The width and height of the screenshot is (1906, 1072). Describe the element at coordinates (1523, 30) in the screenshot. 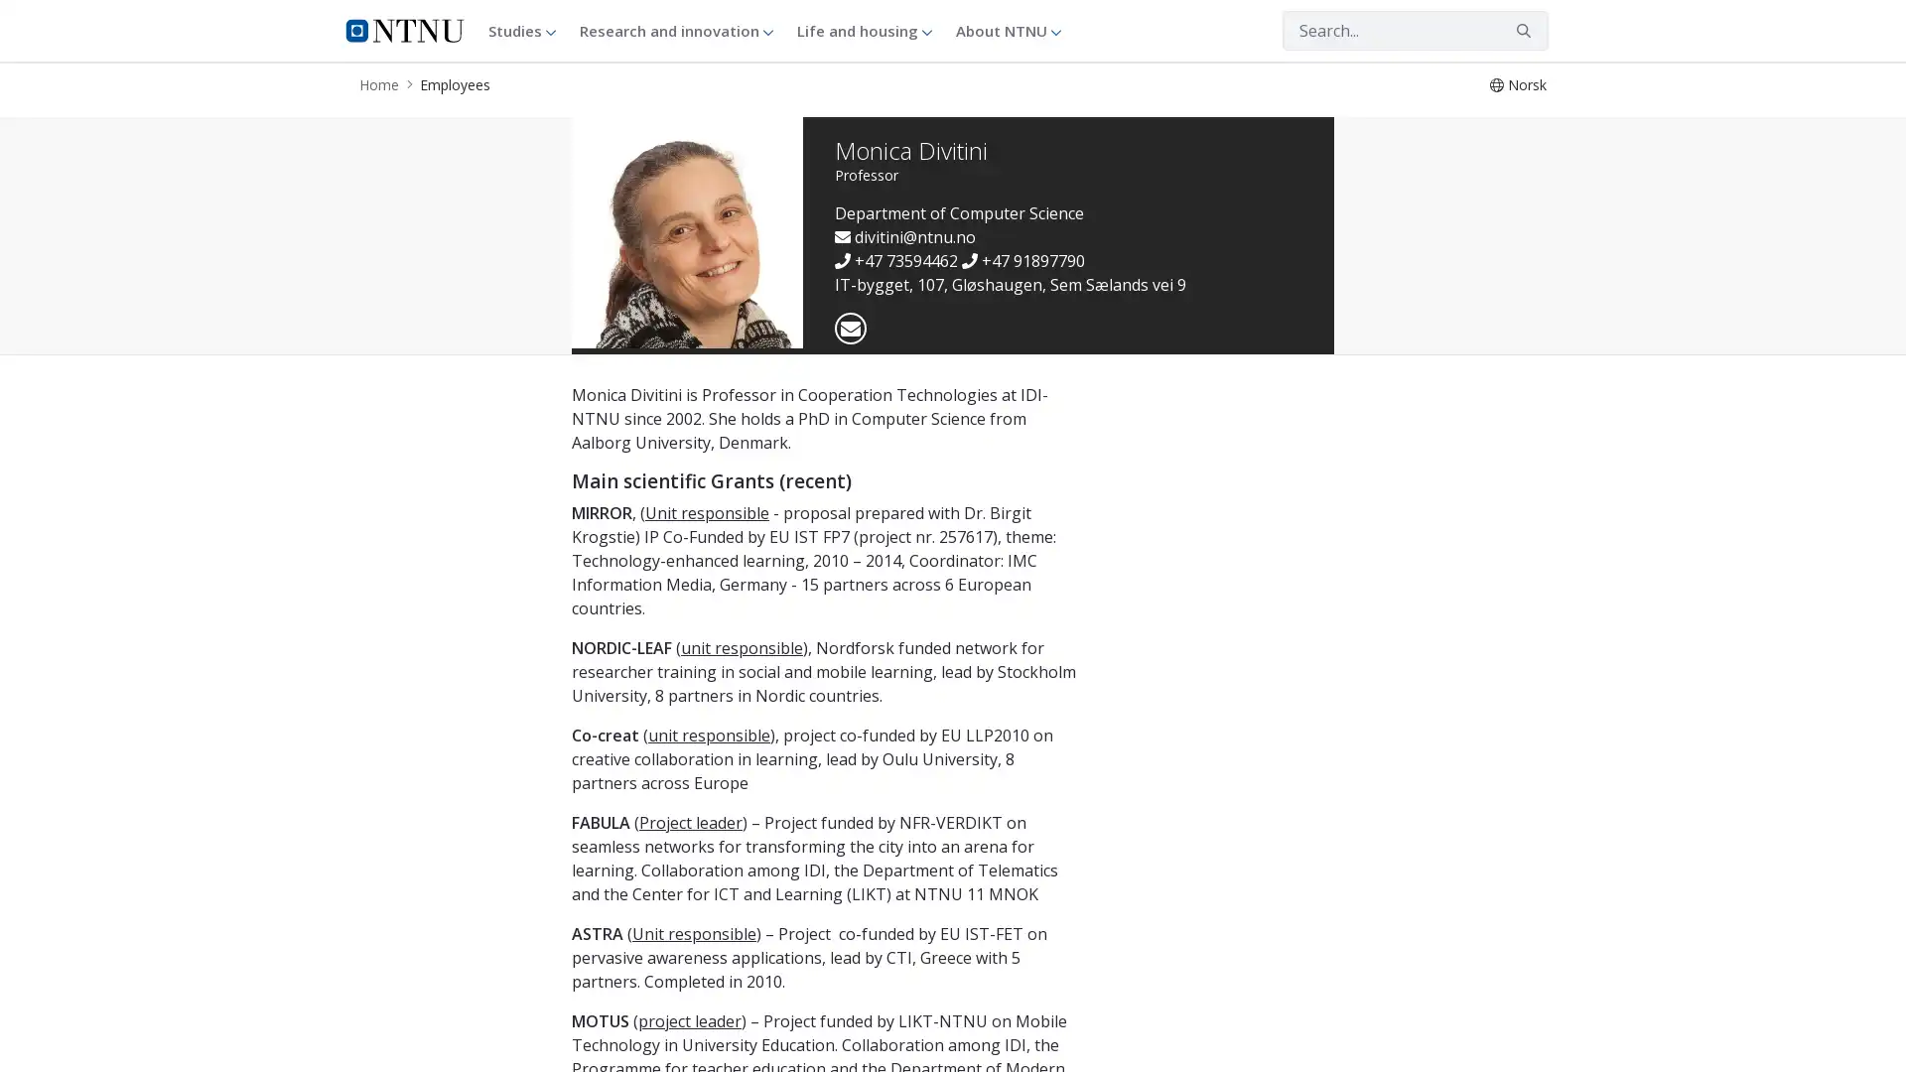

I see `Submit` at that location.